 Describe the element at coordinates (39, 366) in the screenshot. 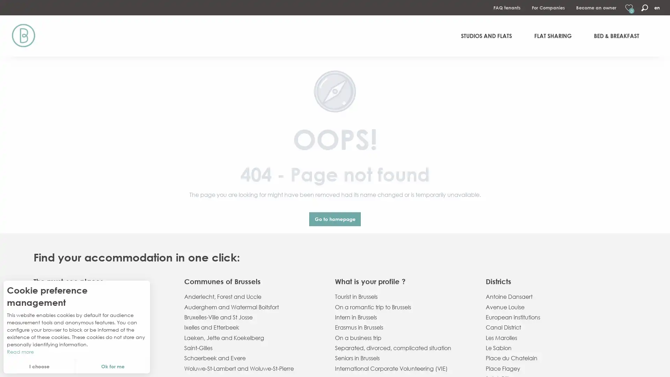

I see `customize cookies` at that location.